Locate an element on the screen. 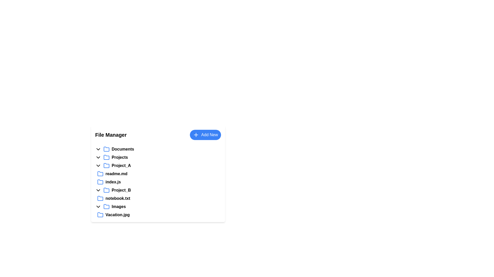 The width and height of the screenshot is (494, 277). the folder icon located to the left of the text label 'index.js' in the row labeled 'index.js' is located at coordinates (100, 182).